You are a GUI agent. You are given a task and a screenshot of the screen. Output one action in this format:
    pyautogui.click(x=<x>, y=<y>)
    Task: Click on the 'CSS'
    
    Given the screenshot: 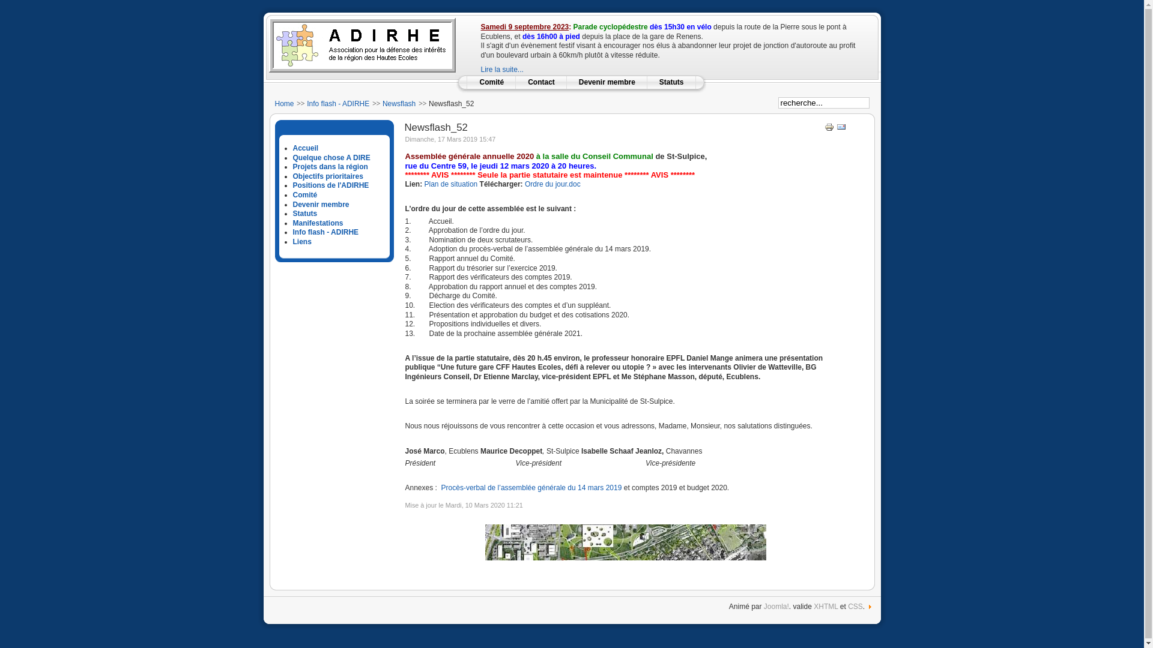 What is the action you would take?
    pyautogui.click(x=855, y=606)
    